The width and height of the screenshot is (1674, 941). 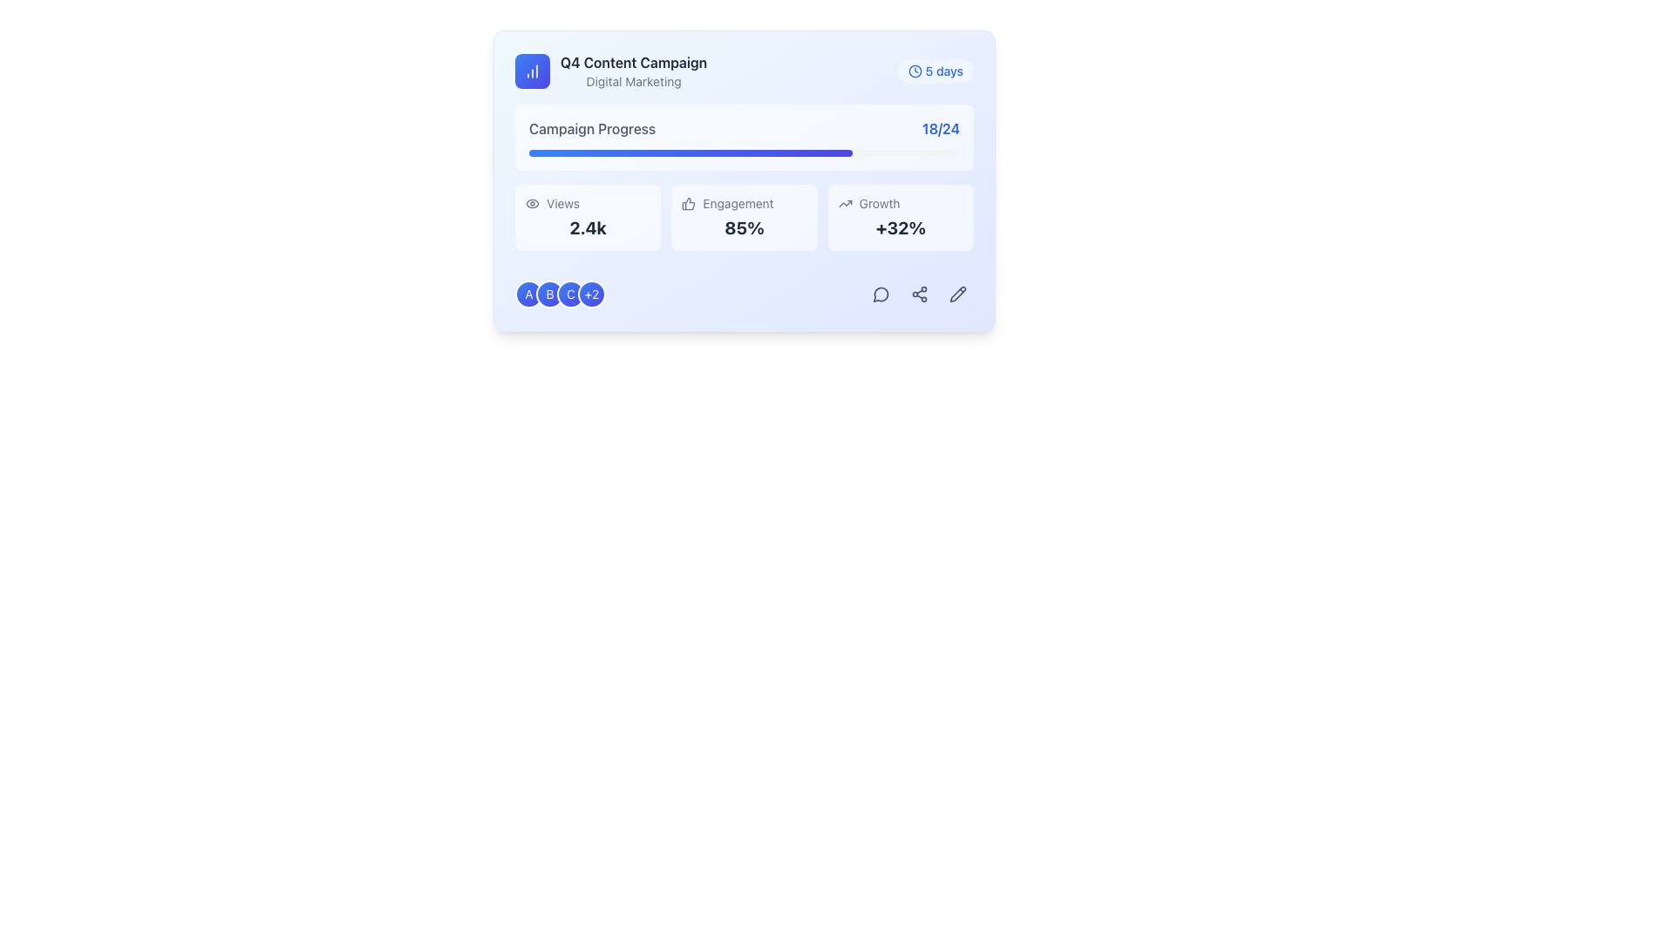 What do you see at coordinates (531, 203) in the screenshot?
I see `the eye-shaped icon located to the left of the 'Views' text label, which features a circular pupil and an elliptical outline` at bounding box center [531, 203].